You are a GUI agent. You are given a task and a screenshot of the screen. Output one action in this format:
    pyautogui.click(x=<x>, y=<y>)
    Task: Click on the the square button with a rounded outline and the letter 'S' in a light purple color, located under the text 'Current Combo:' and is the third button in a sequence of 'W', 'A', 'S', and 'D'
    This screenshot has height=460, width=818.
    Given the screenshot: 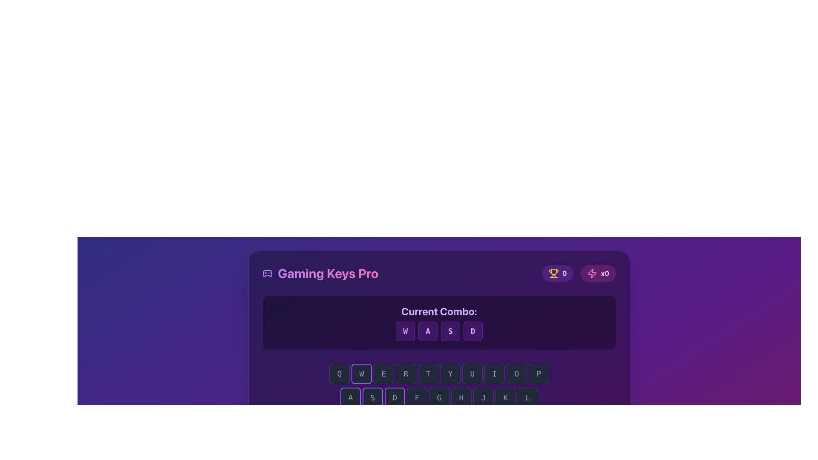 What is the action you would take?
    pyautogui.click(x=450, y=331)
    